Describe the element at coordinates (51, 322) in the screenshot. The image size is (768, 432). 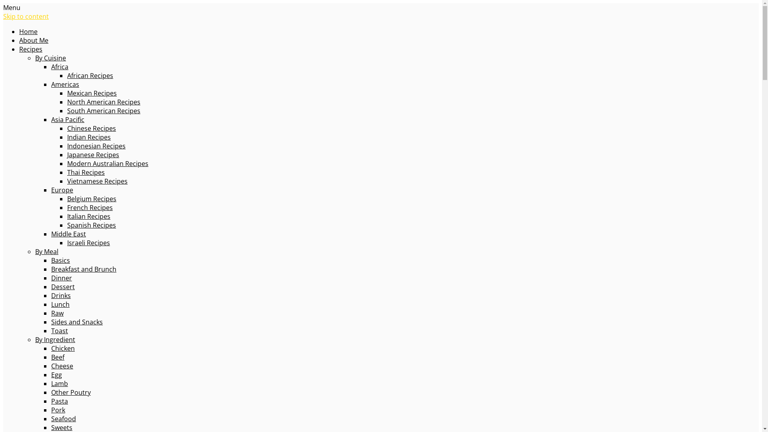
I see `'Sides and Snacks'` at that location.